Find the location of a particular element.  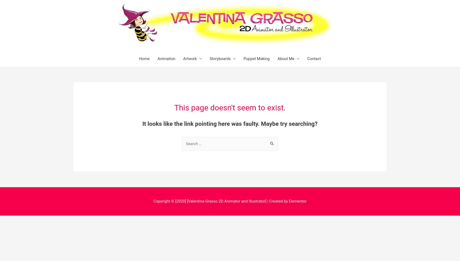

'Storyboards' is located at coordinates (220, 58).